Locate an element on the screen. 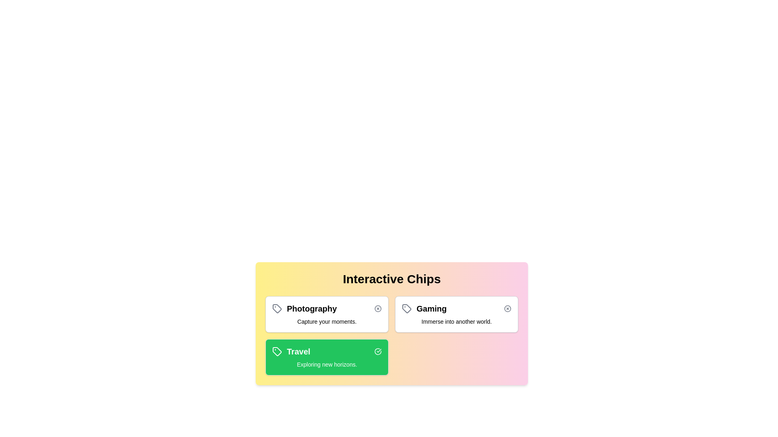  the chip labeled 'Gaming' to observe its hover effect is located at coordinates (457, 314).